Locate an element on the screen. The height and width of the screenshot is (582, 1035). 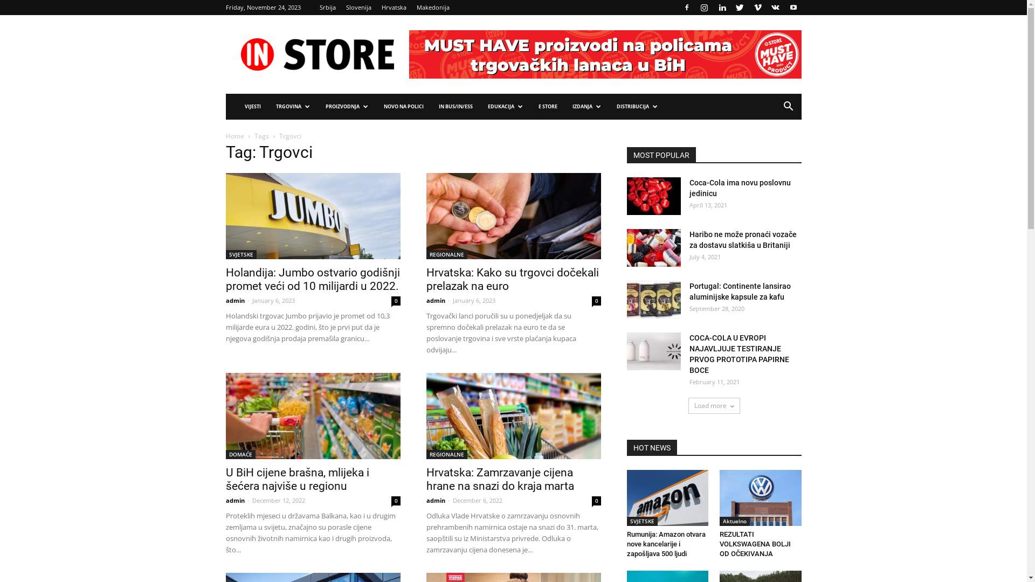
'admin' is located at coordinates (435, 500).